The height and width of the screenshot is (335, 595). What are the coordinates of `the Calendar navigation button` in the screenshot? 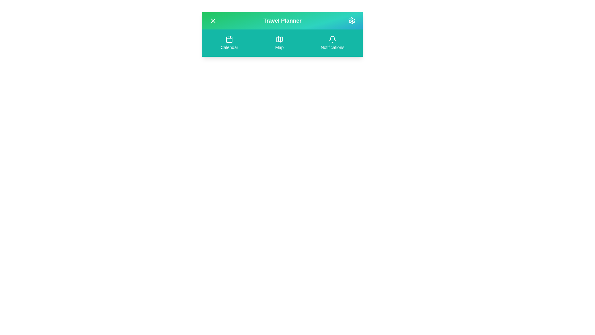 It's located at (229, 42).